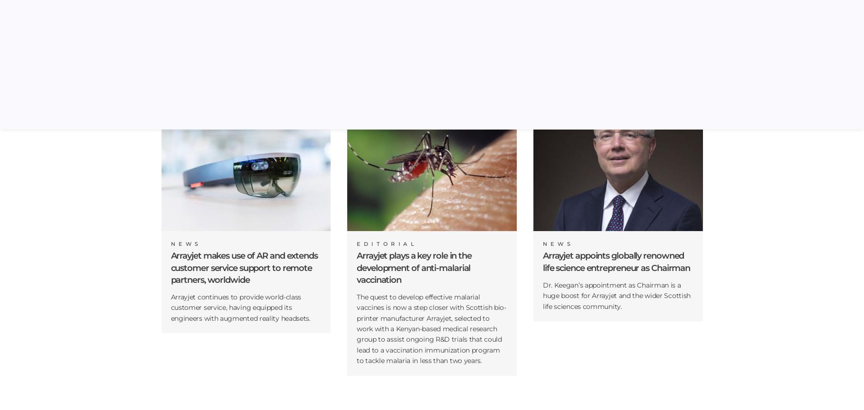  I want to click on 'Arrayjet makes use of AR and extends customer service support to remote partners, worldwide', so click(244, 267).